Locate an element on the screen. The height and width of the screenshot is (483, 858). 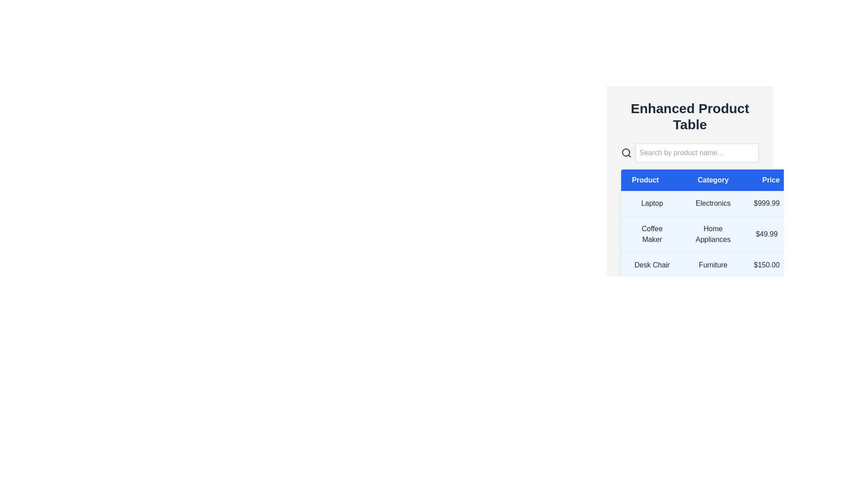
the table cell displaying '$49.99' in the 'Price' column for the 'Coffee Maker' product, which is centered in a light blue cell is located at coordinates (766, 234).